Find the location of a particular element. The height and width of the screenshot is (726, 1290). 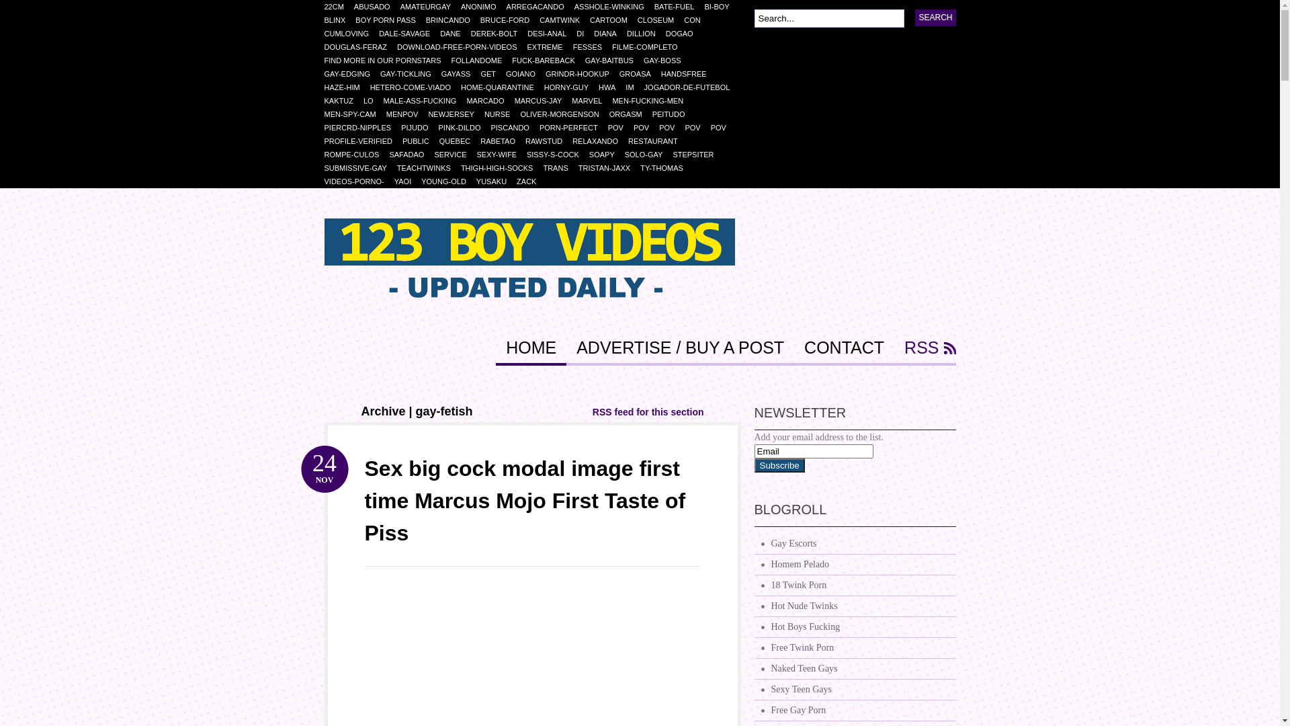

'GROASA' is located at coordinates (640, 74).